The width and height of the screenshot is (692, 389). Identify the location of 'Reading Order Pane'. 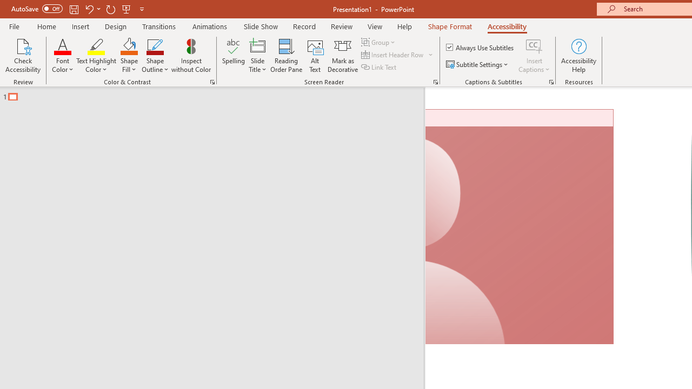
(286, 56).